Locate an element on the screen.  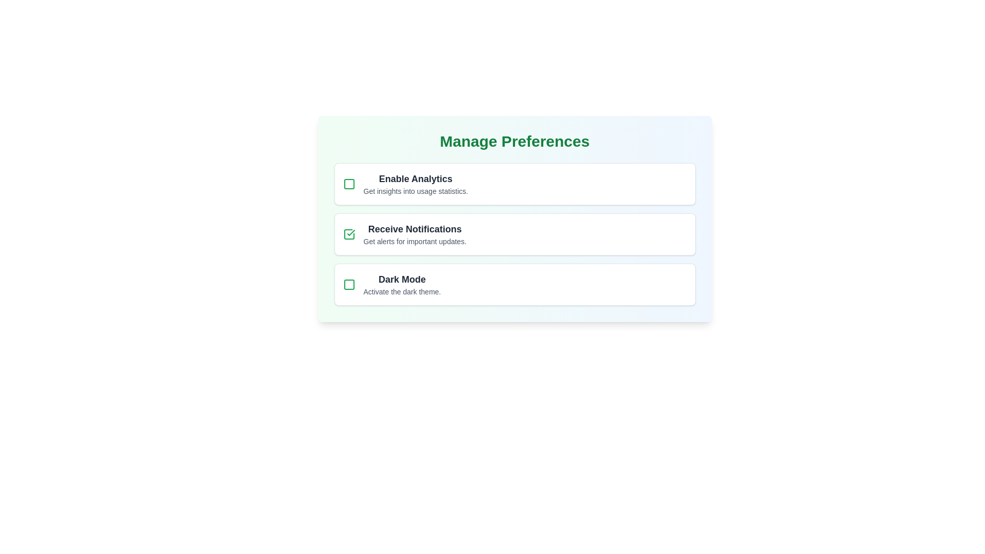
the informational text label located beneath the 'Enable Analytics' heading, which provides context about the feature is located at coordinates (416, 191).